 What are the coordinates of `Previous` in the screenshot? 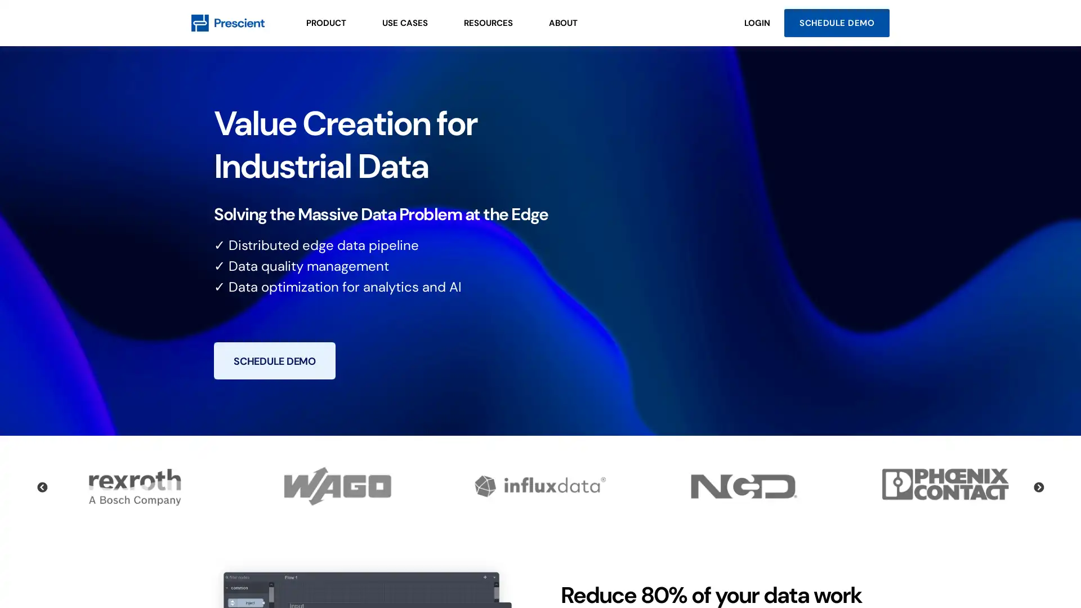 It's located at (42, 488).